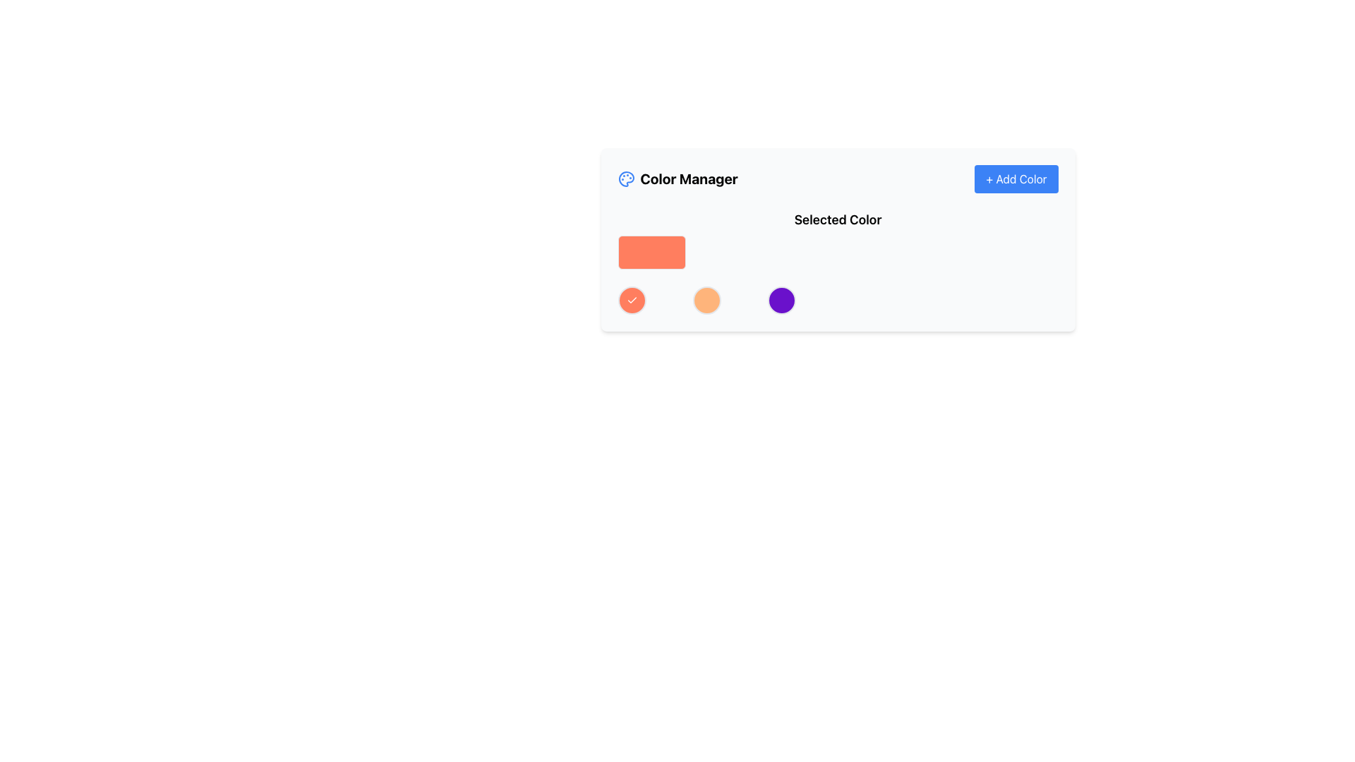 The image size is (1355, 762). I want to click on the fourth circular color selection button in the grid layout, so click(781, 299).